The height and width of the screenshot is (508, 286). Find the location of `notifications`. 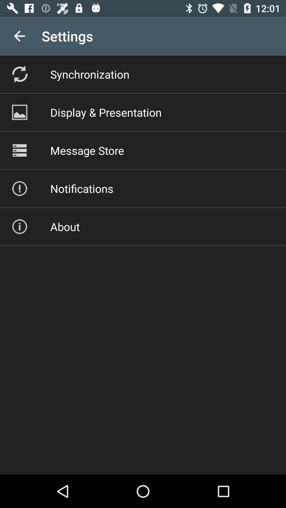

notifications is located at coordinates (82, 188).